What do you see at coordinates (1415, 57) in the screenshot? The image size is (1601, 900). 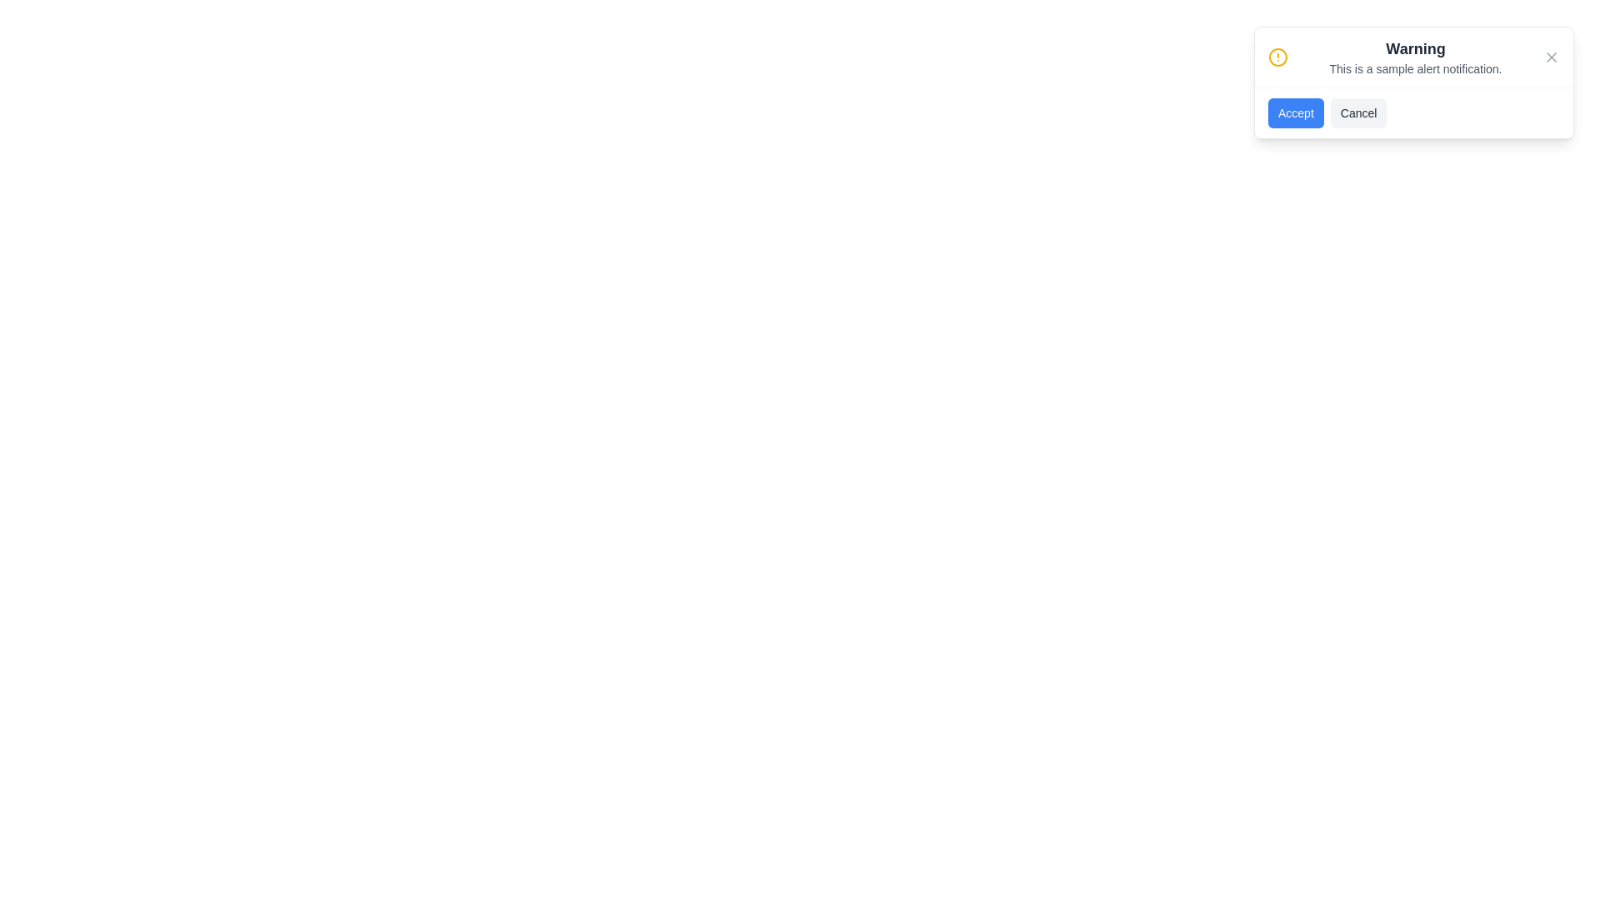 I see `contents of the Text Block that provides the title and description of an alert notification, located in the popup notification card, central to the layout` at bounding box center [1415, 57].